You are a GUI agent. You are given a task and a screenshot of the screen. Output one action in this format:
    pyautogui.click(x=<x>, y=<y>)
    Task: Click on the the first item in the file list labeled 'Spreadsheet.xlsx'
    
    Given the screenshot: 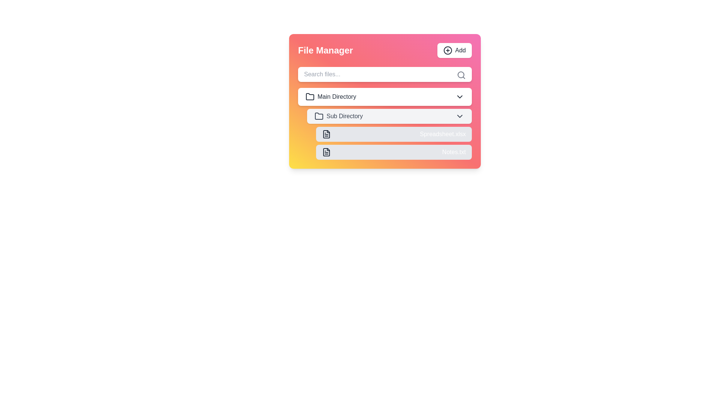 What is the action you would take?
    pyautogui.click(x=393, y=134)
    